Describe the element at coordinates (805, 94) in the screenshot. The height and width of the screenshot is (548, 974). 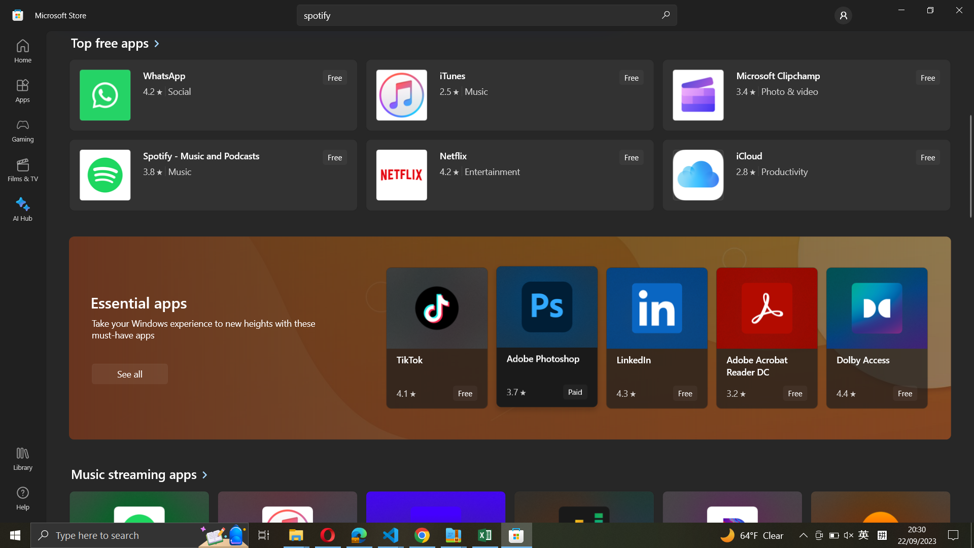
I see `the operation of Microsoft Clipchamp` at that location.